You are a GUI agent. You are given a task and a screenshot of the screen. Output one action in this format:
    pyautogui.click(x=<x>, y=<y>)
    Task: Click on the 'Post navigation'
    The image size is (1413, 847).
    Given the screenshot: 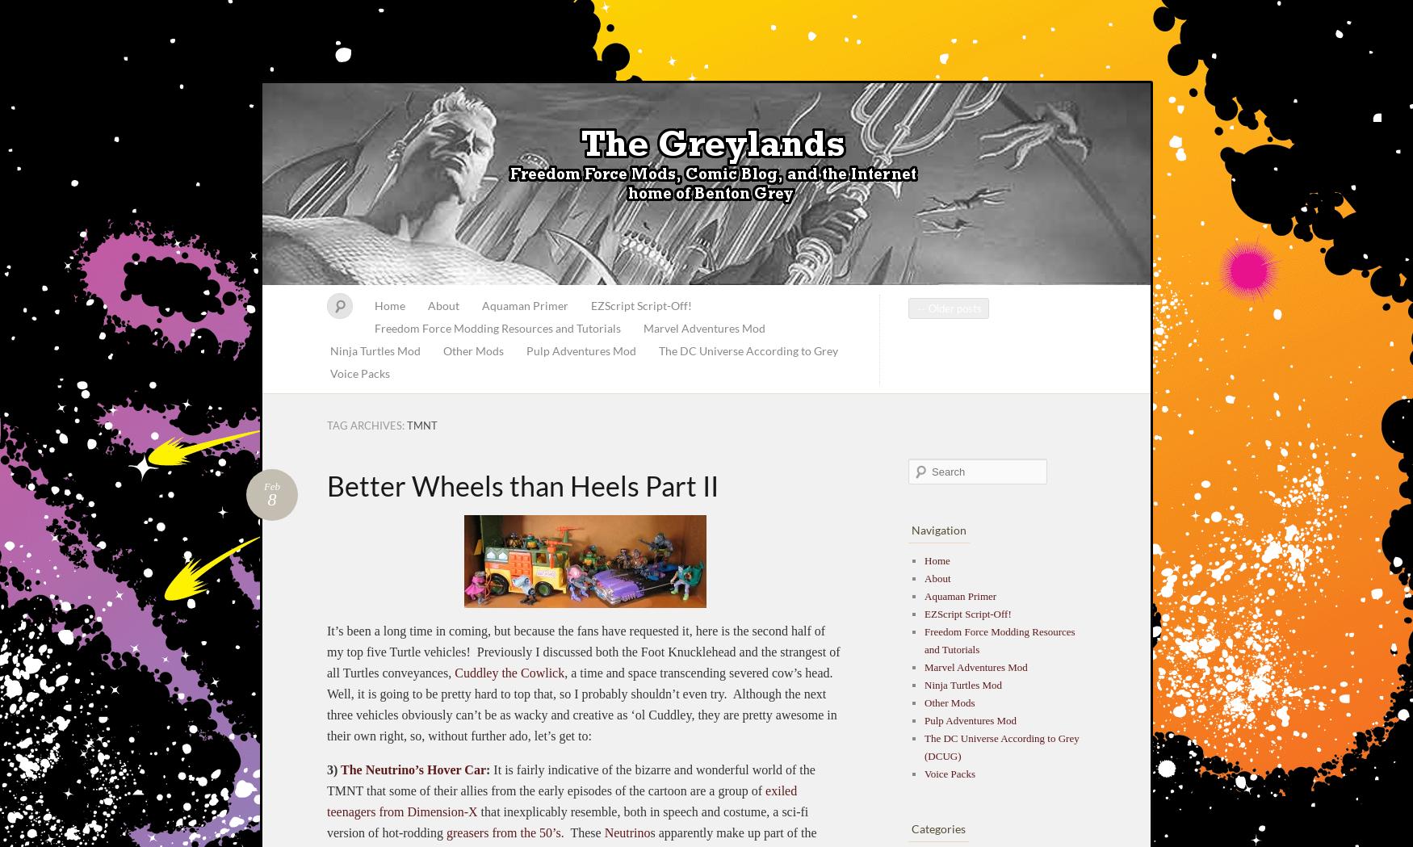 What is the action you would take?
    pyautogui.click(x=962, y=321)
    